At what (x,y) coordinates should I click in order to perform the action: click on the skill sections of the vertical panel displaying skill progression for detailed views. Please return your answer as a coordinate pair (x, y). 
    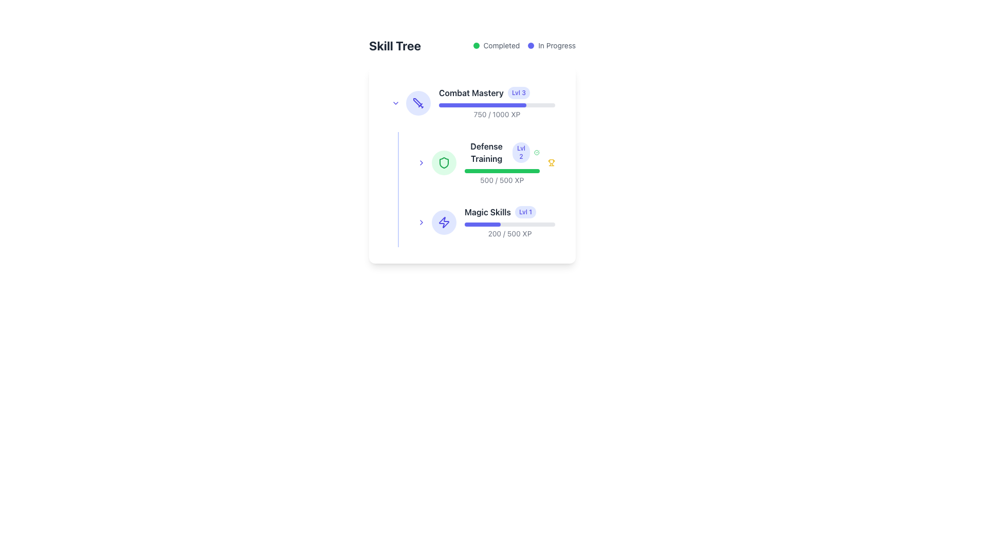
    Looking at the image, I should click on (471, 151).